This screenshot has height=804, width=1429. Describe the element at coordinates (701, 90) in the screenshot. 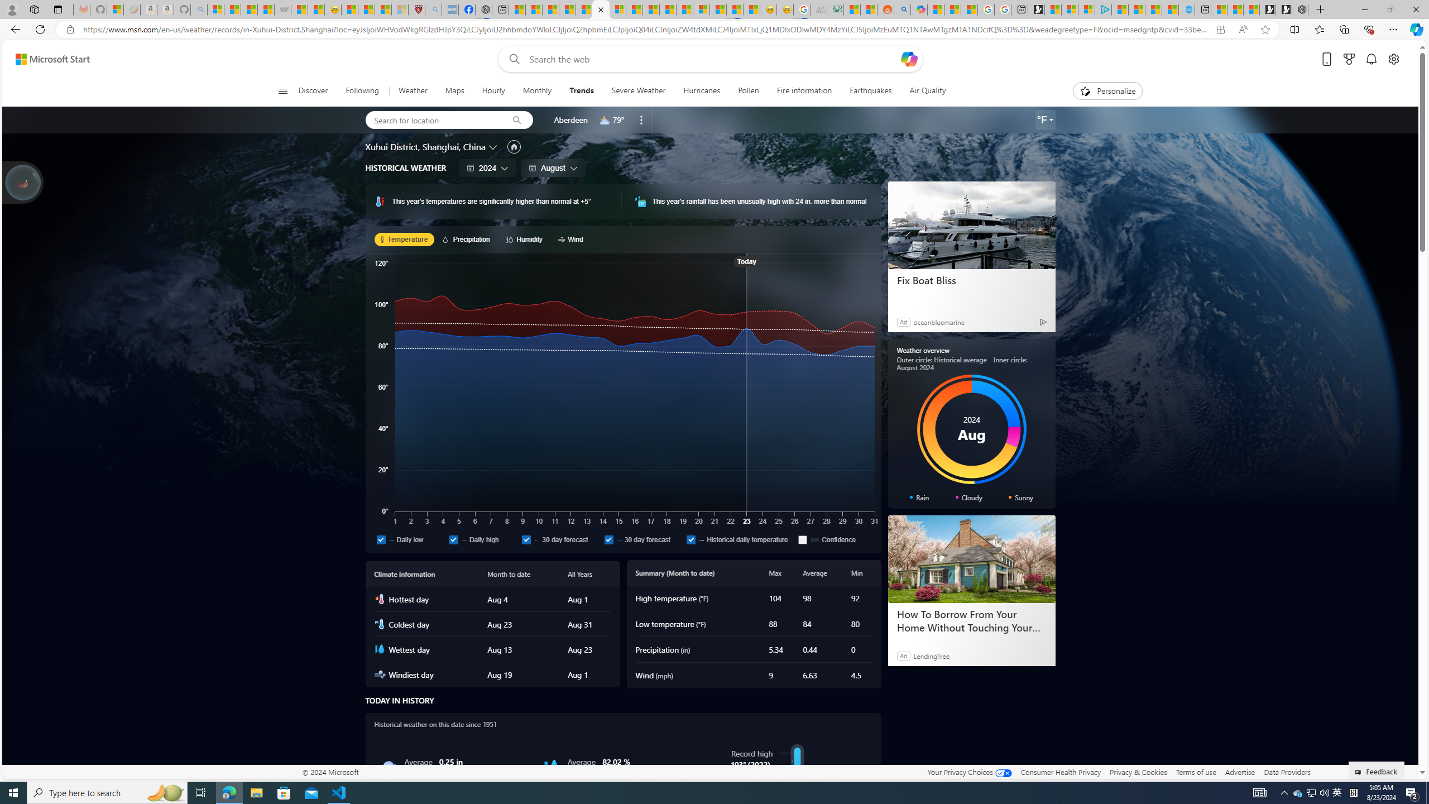

I see `'Hurricanes'` at that location.